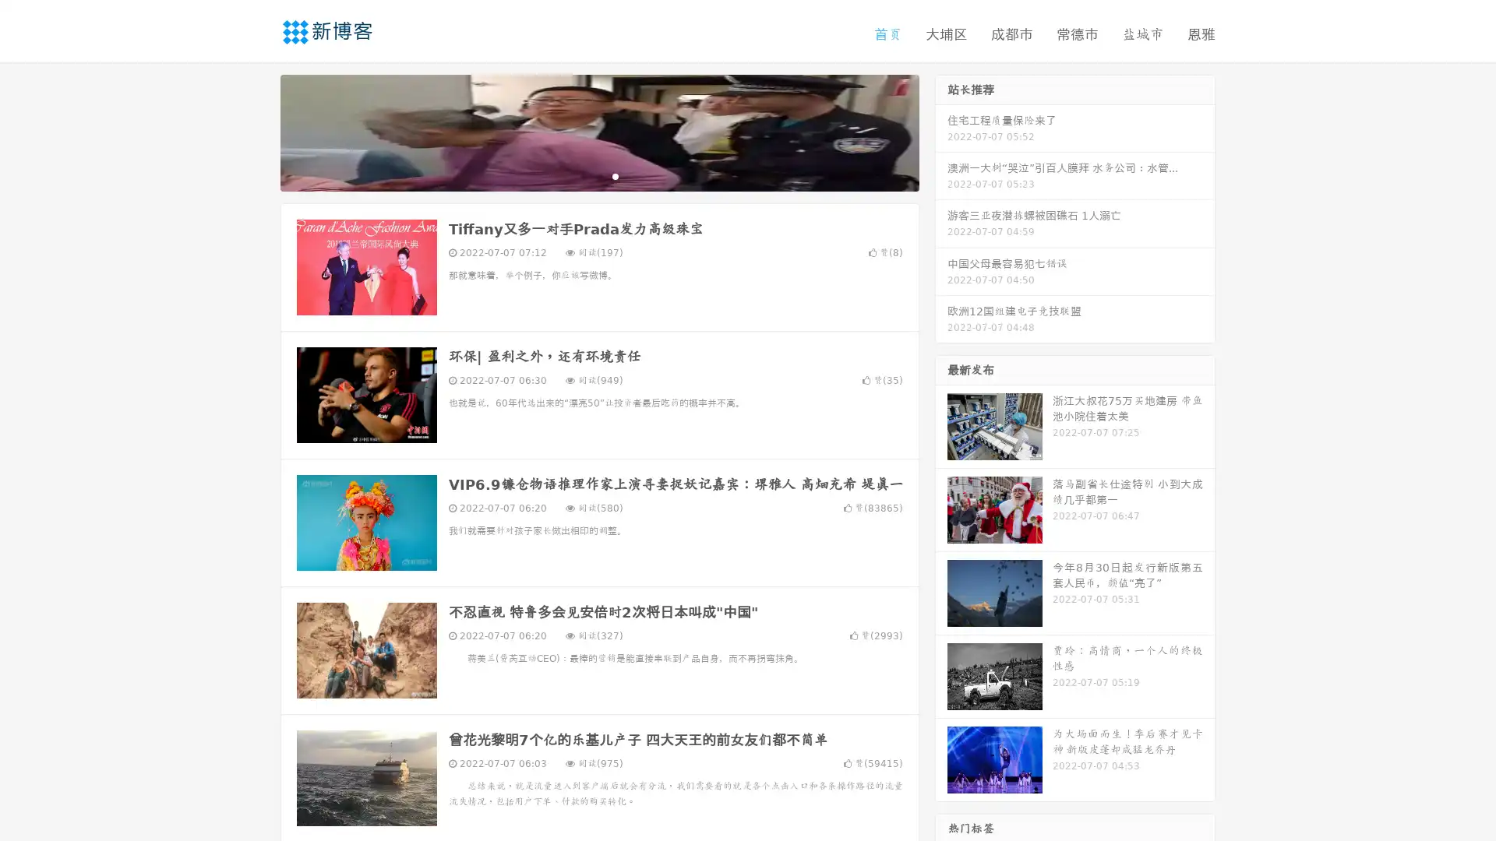  Describe the element at coordinates (257, 131) in the screenshot. I see `Previous slide` at that location.